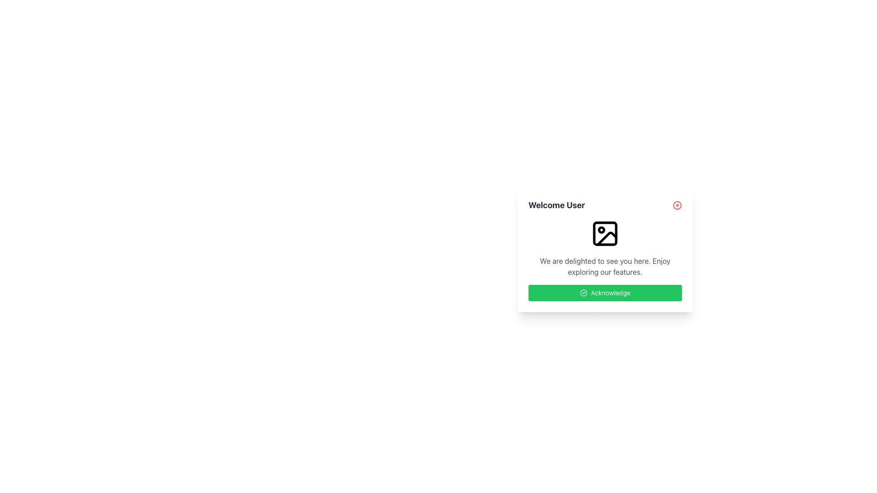 This screenshot has width=877, height=493. Describe the element at coordinates (605, 266) in the screenshot. I see `the welcoming text label that provides an inviting message to the user, located below a centered icon in the interface` at that location.